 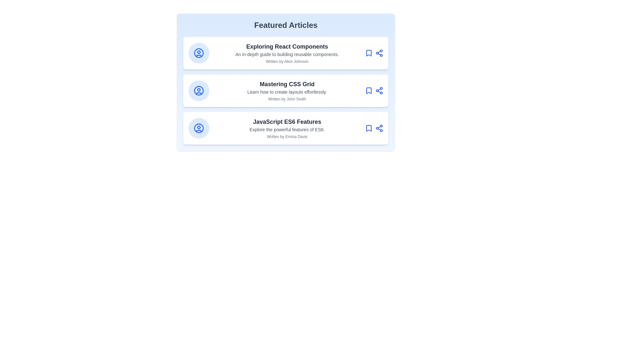 I want to click on user icon on the article card corresponding to Mastering CSS Grid, so click(x=199, y=91).